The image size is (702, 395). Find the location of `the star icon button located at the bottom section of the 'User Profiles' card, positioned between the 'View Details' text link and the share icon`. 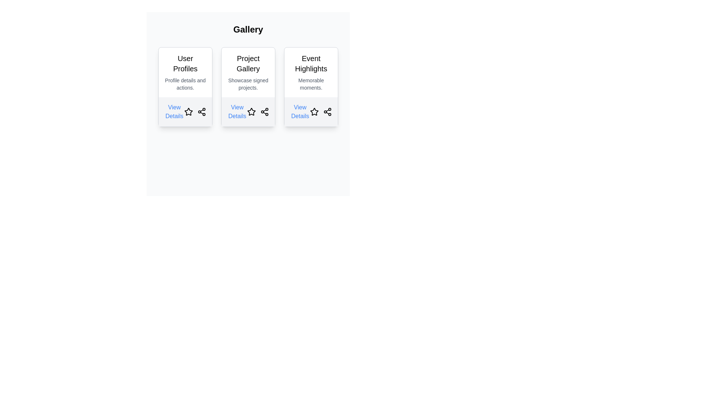

the star icon button located at the bottom section of the 'User Profiles' card, positioned between the 'View Details' text link and the share icon is located at coordinates (188, 112).